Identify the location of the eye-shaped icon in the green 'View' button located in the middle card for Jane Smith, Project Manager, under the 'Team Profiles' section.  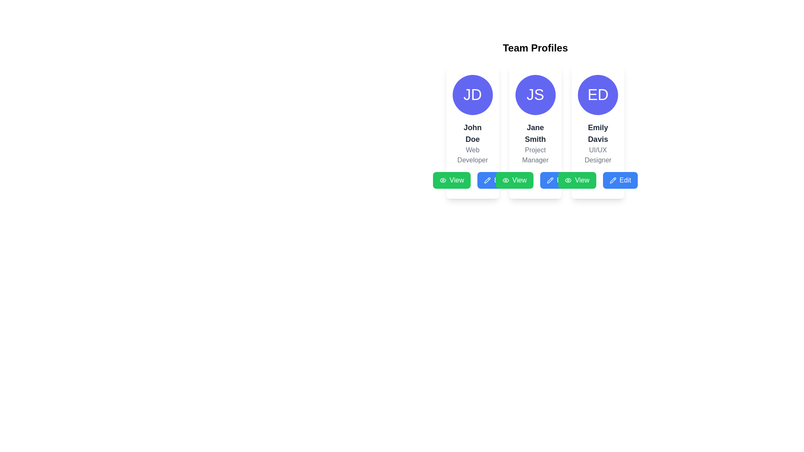
(442, 180).